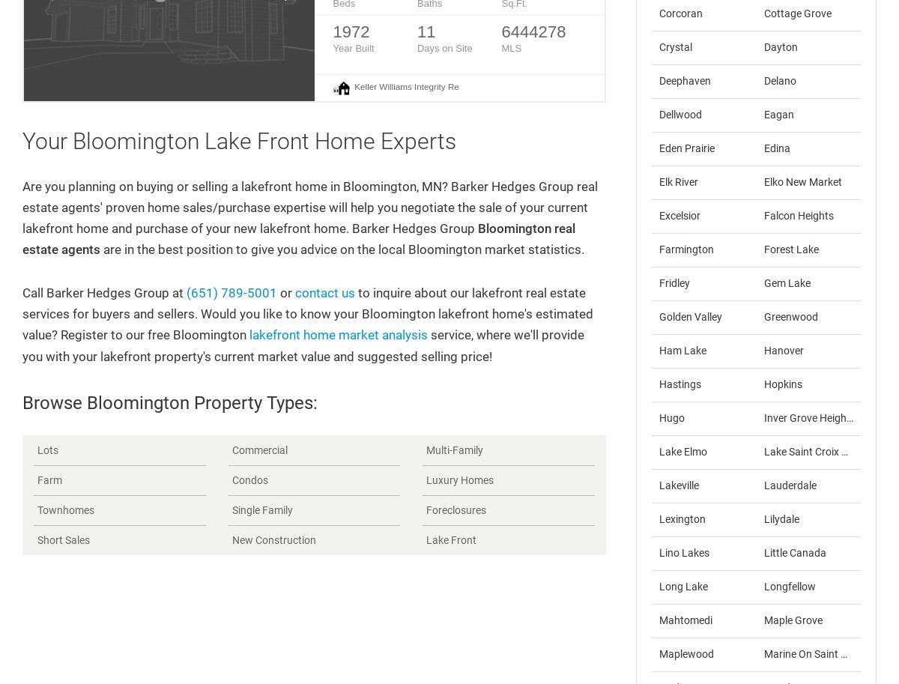  What do you see at coordinates (685, 619) in the screenshot?
I see `'Mahtomedi'` at bounding box center [685, 619].